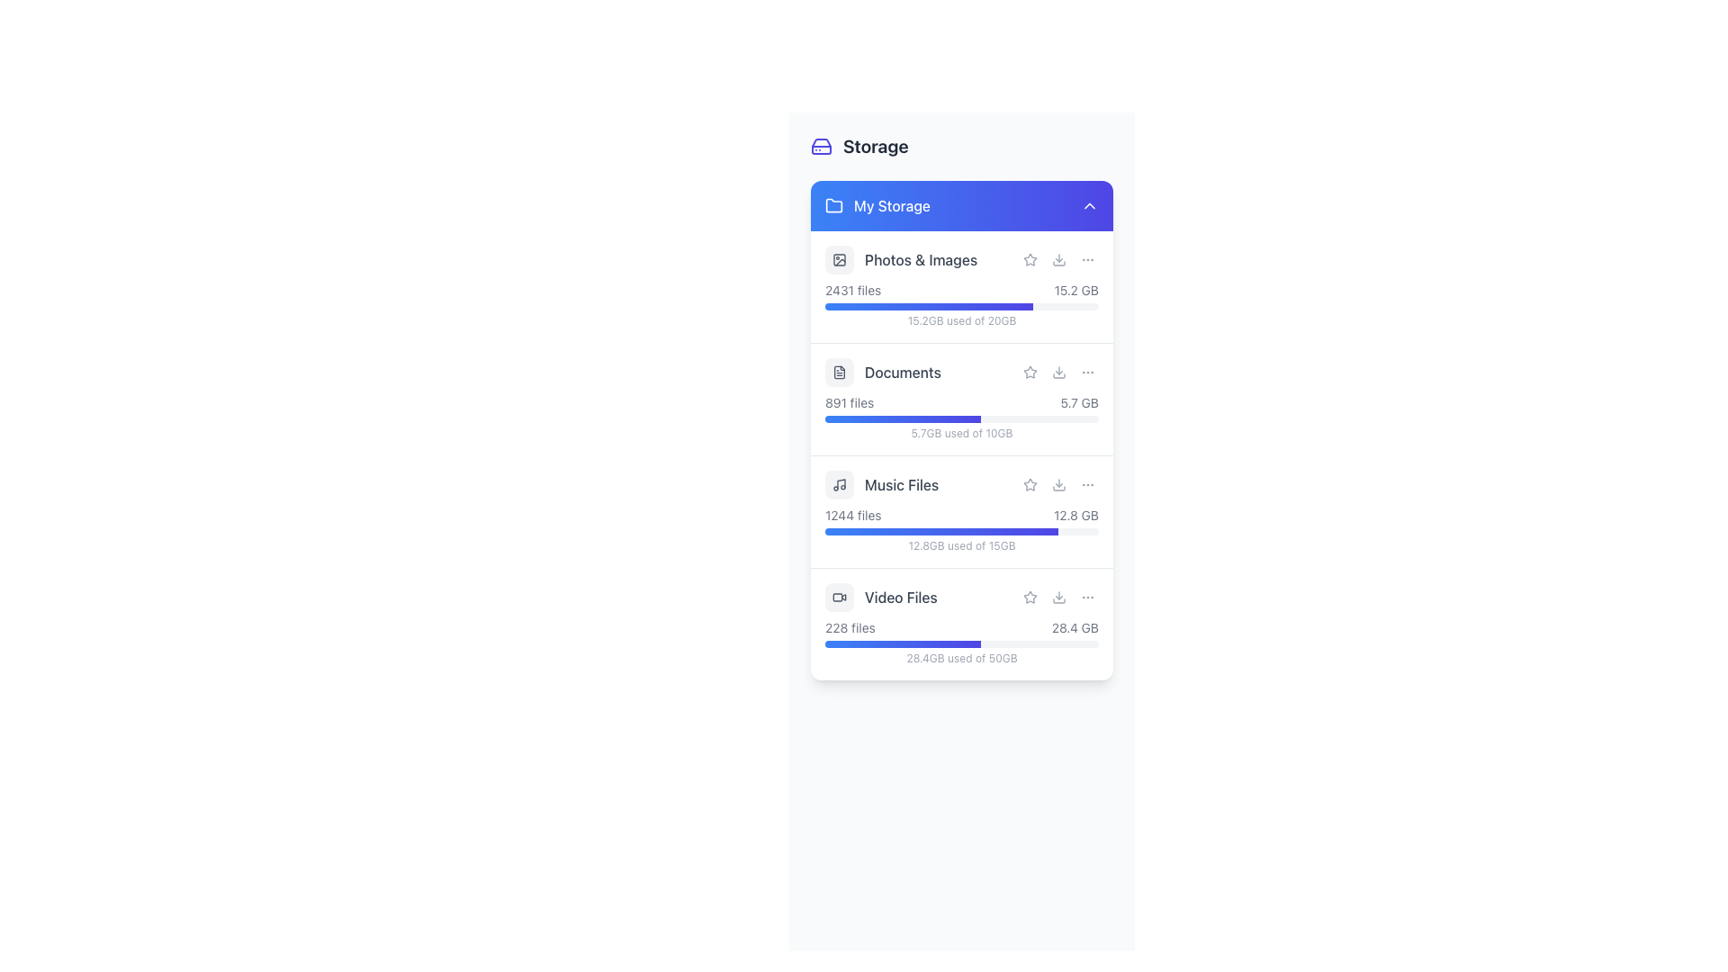  I want to click on the download button, which is the middle icon in the group of three icons to the right of the 'Documents' list item under the 'My Storage' header, to initiate a download action, so click(1058, 371).